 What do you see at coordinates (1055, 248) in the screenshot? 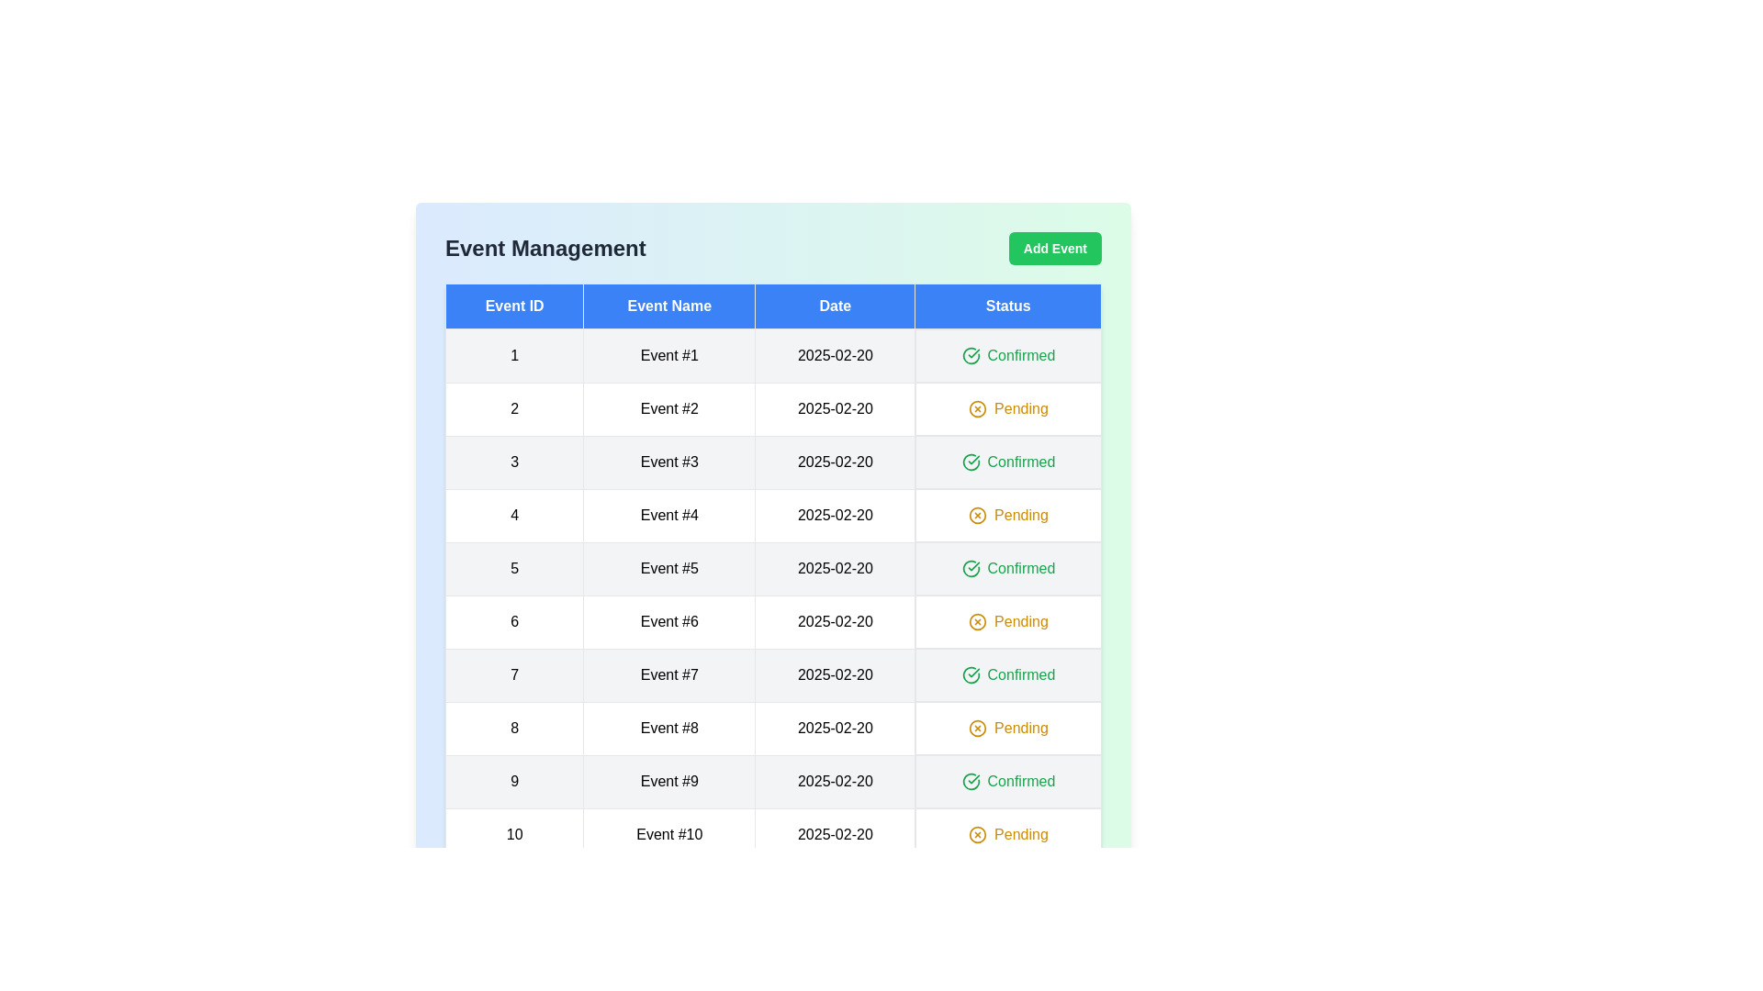
I see `'Add Event' button to initiate a new event creation` at bounding box center [1055, 248].